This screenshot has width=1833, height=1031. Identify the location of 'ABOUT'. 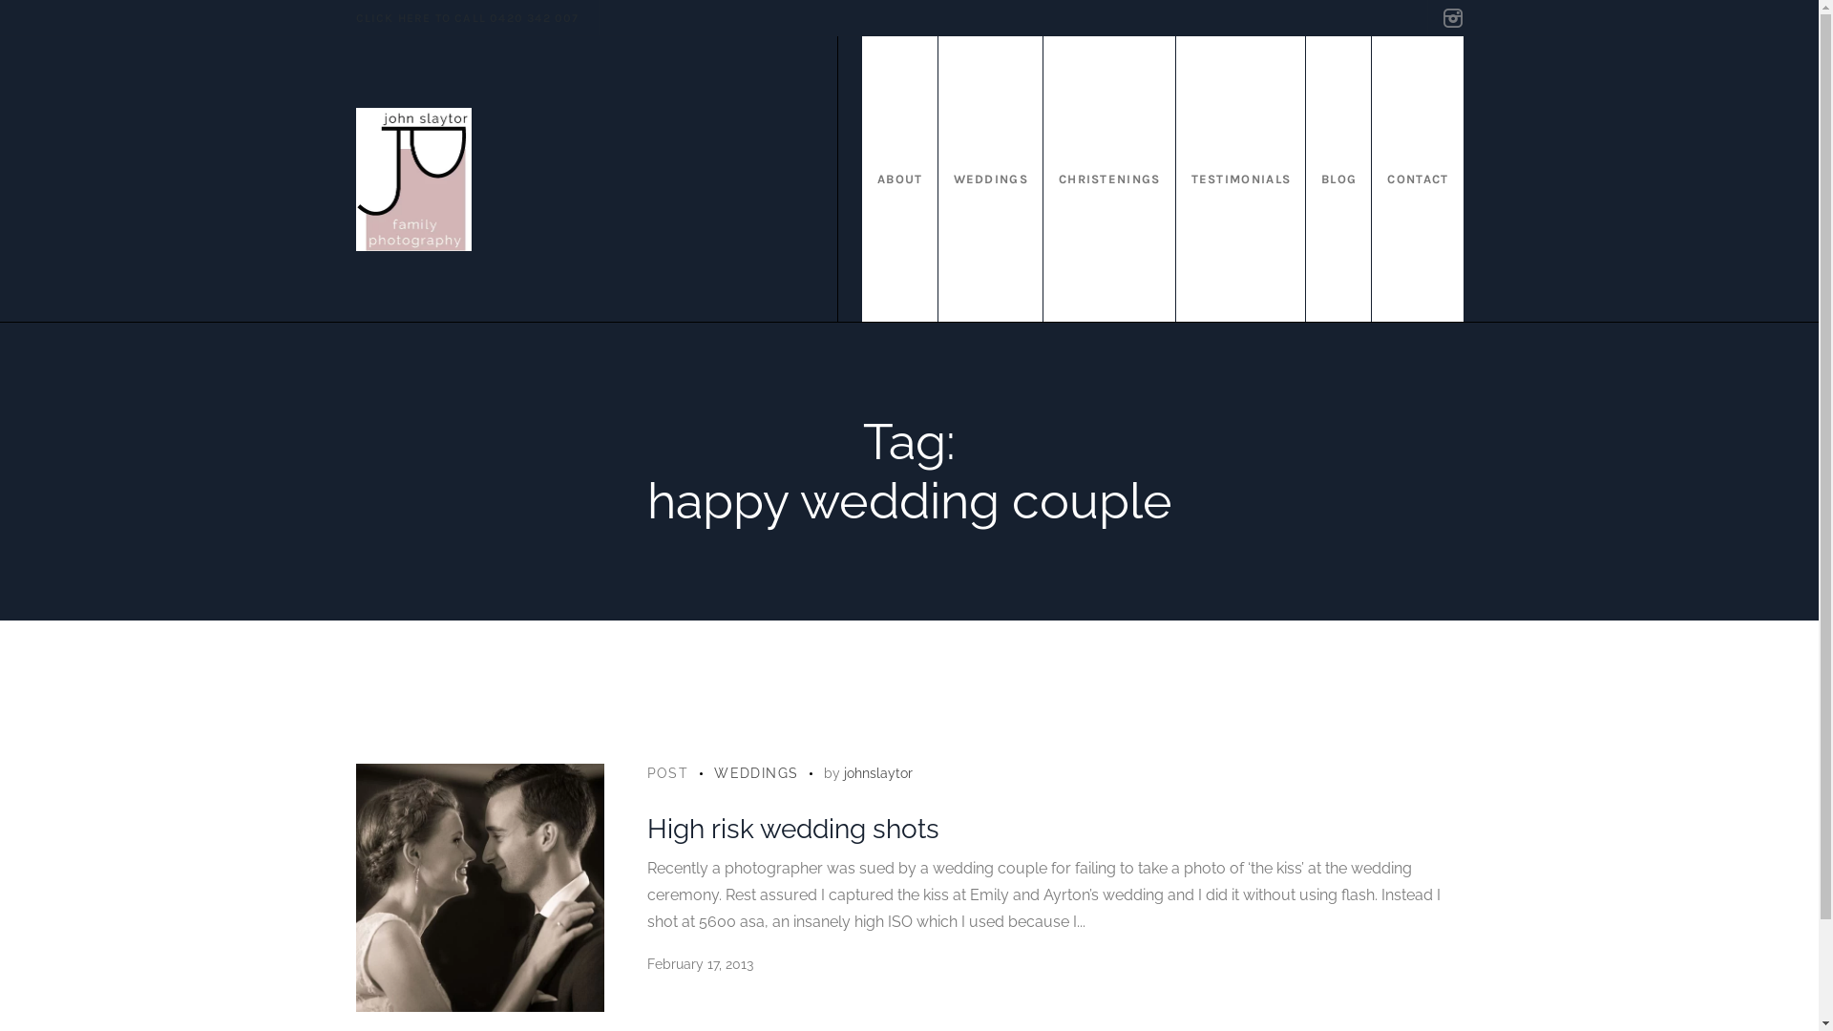
(898, 179).